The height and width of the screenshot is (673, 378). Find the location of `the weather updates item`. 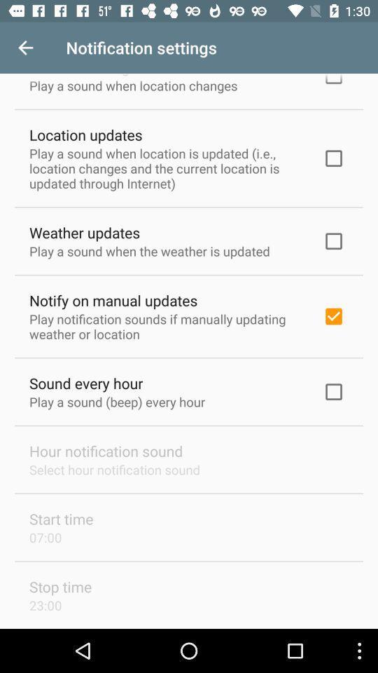

the weather updates item is located at coordinates (85, 232).